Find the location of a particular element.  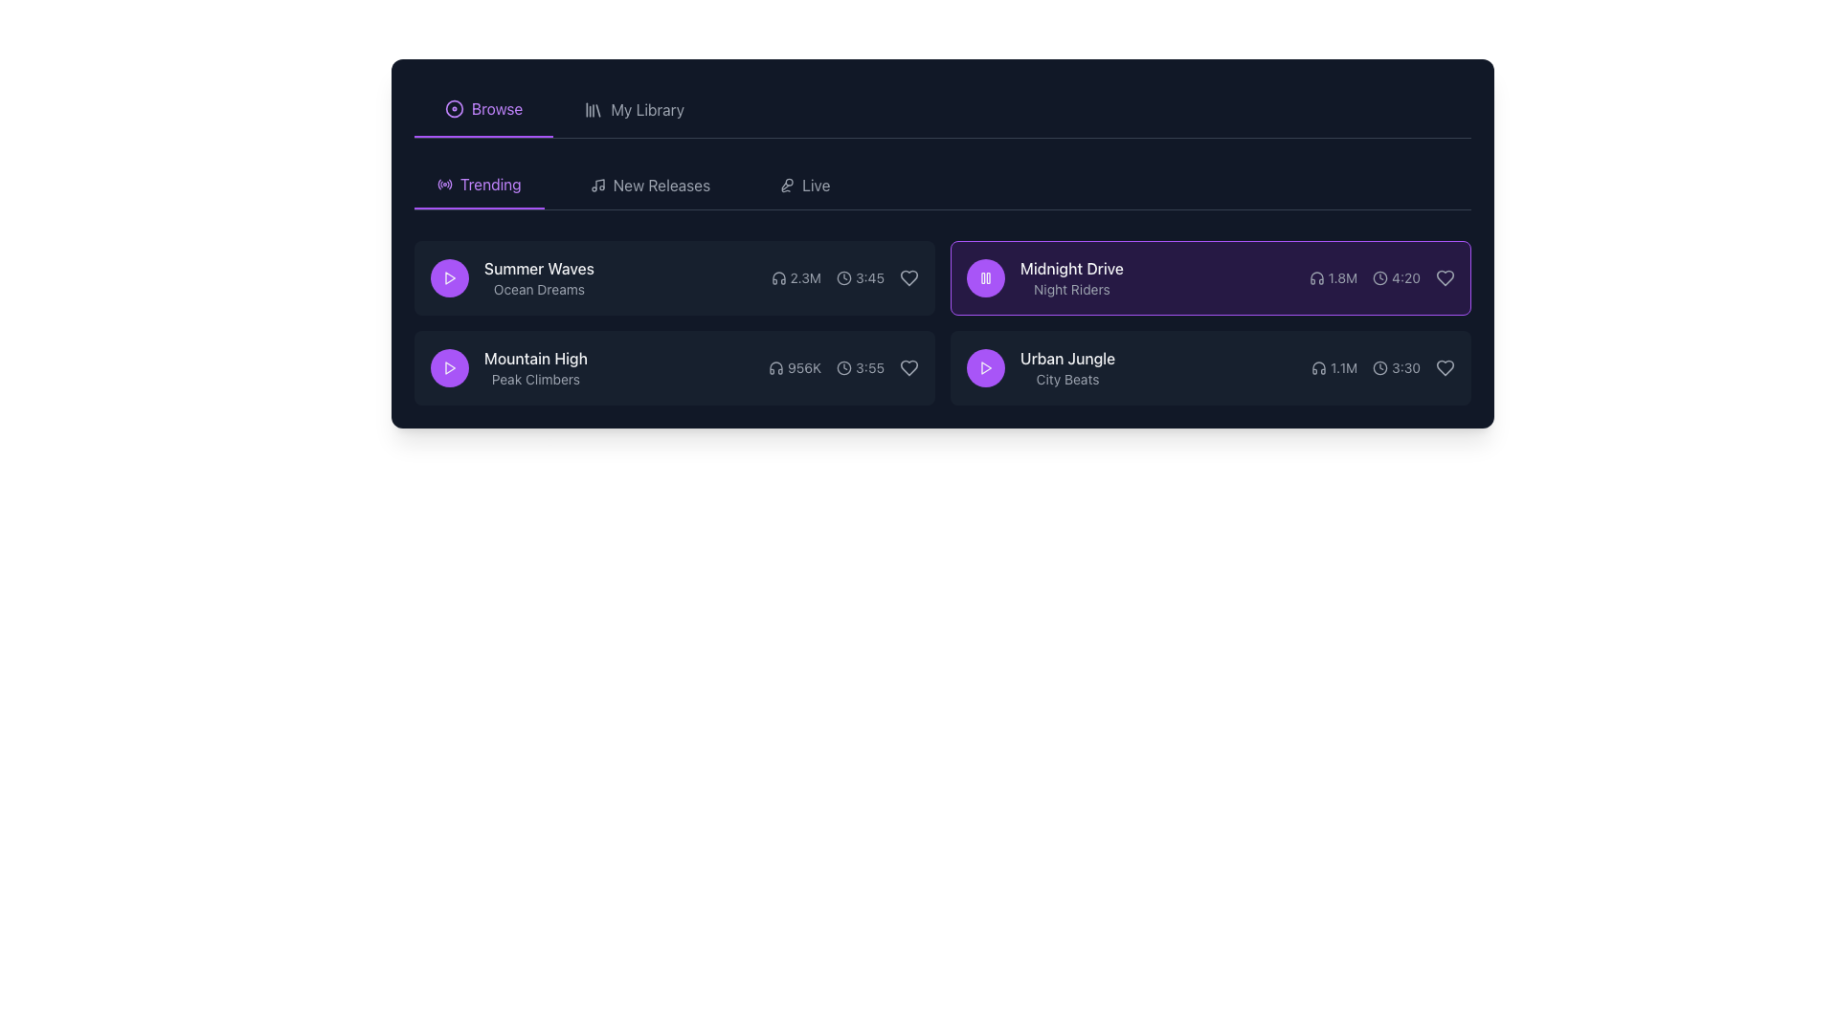

the text element displaying '2.3M' with a headphones icon in the 'Trending' section, associated with the 'Summer Waves' track is located at coordinates (796, 277).